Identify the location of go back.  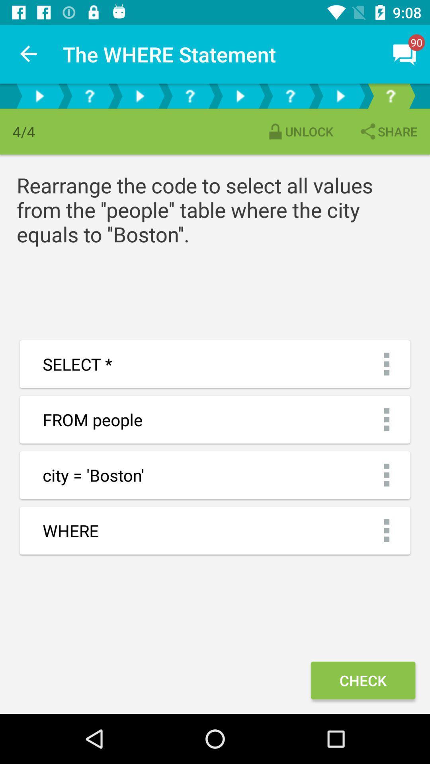
(89, 95).